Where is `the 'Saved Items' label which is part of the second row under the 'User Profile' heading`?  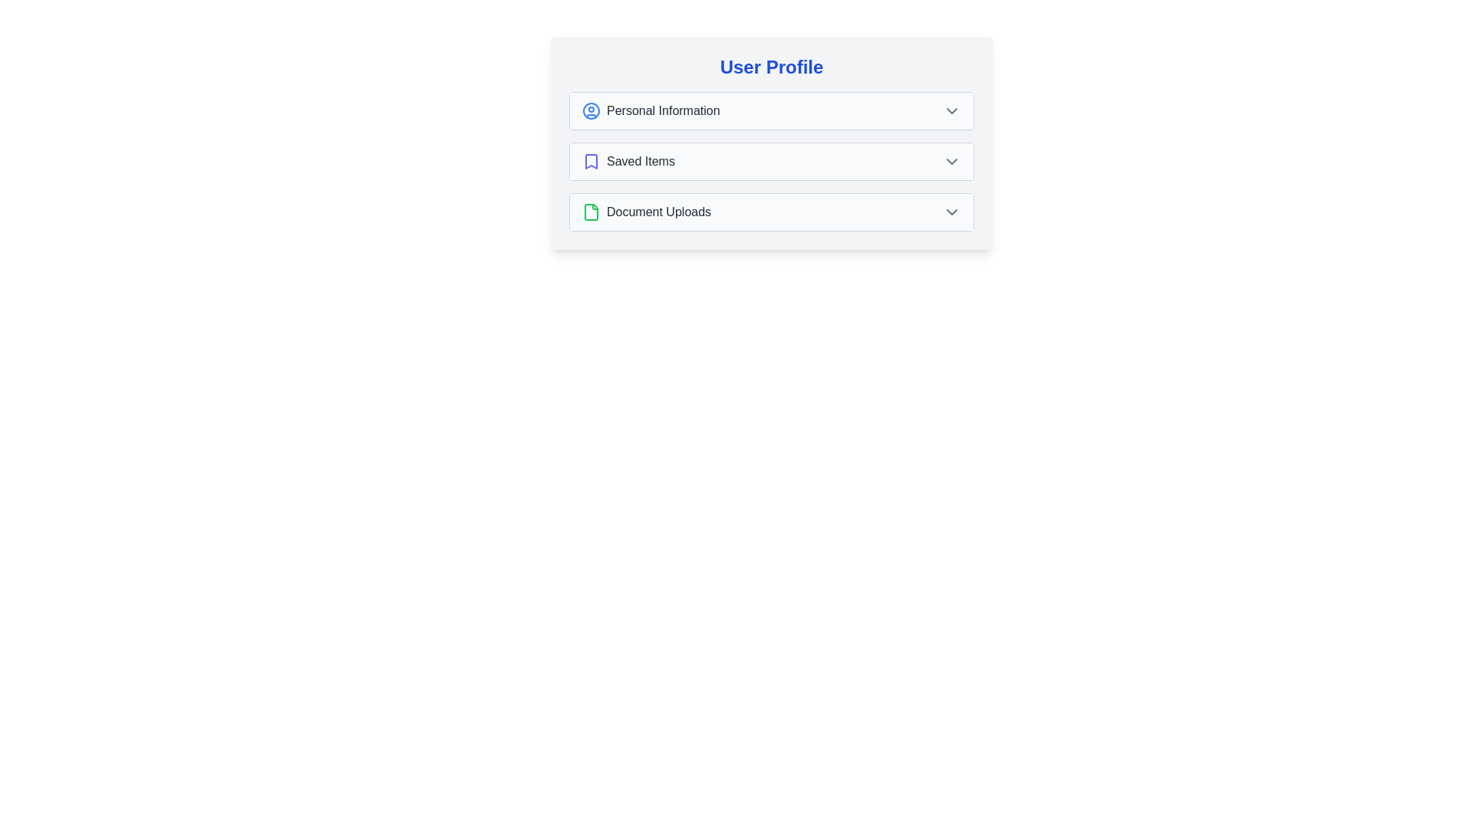 the 'Saved Items' label which is part of the second row under the 'User Profile' heading is located at coordinates (641, 162).